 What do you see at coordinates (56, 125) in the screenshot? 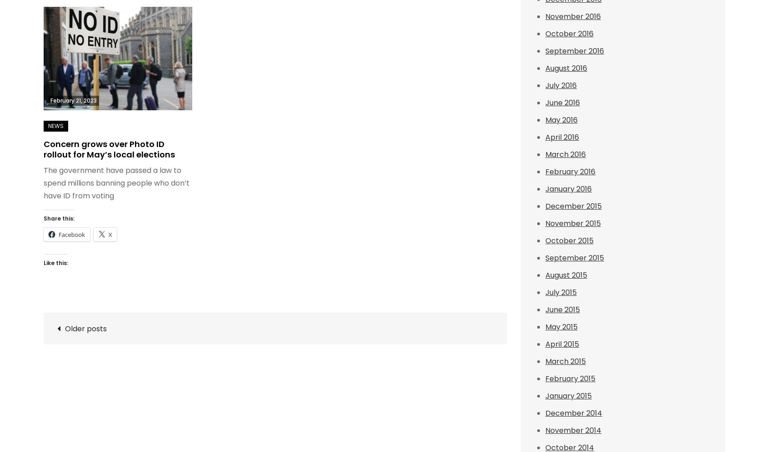
I see `'News'` at bounding box center [56, 125].